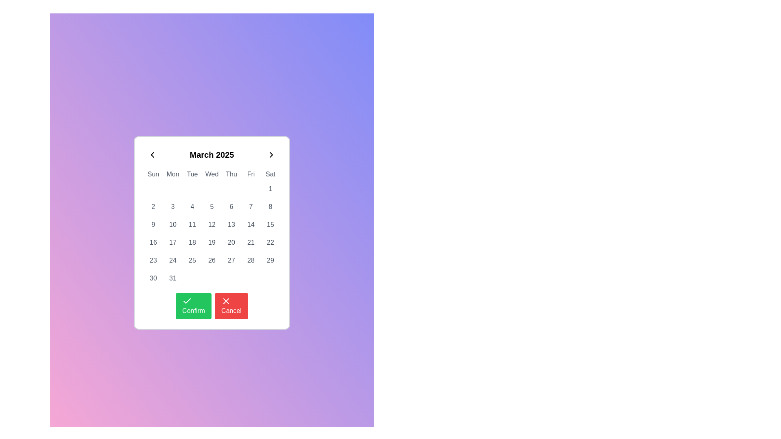  Describe the element at coordinates (251, 260) in the screenshot. I see `the calendar date selector button located in the sixth row of the grid, which is the seventh item in the row containing dates 23 to 29` at that location.